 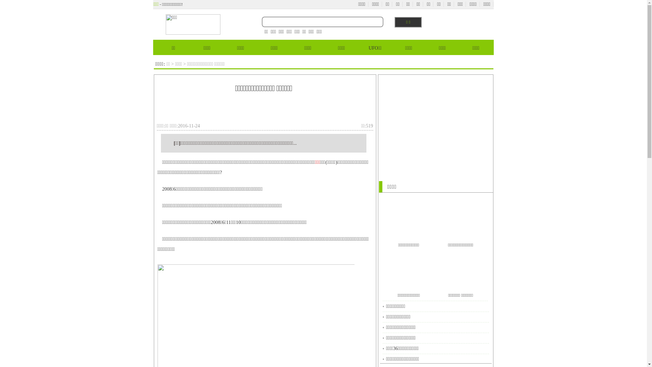 What do you see at coordinates (435, 123) in the screenshot?
I see `'Advertisement'` at bounding box center [435, 123].